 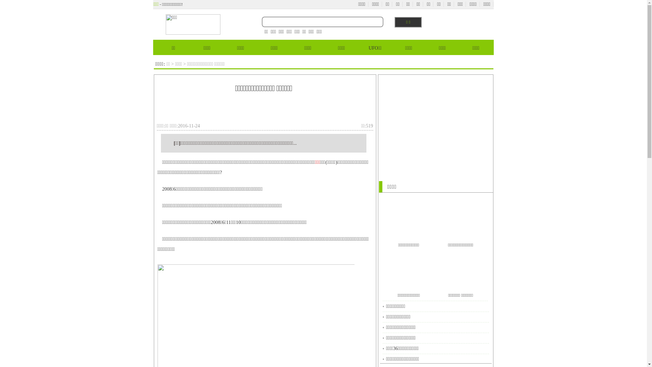 What do you see at coordinates (435, 123) in the screenshot?
I see `'Advertisement'` at bounding box center [435, 123].